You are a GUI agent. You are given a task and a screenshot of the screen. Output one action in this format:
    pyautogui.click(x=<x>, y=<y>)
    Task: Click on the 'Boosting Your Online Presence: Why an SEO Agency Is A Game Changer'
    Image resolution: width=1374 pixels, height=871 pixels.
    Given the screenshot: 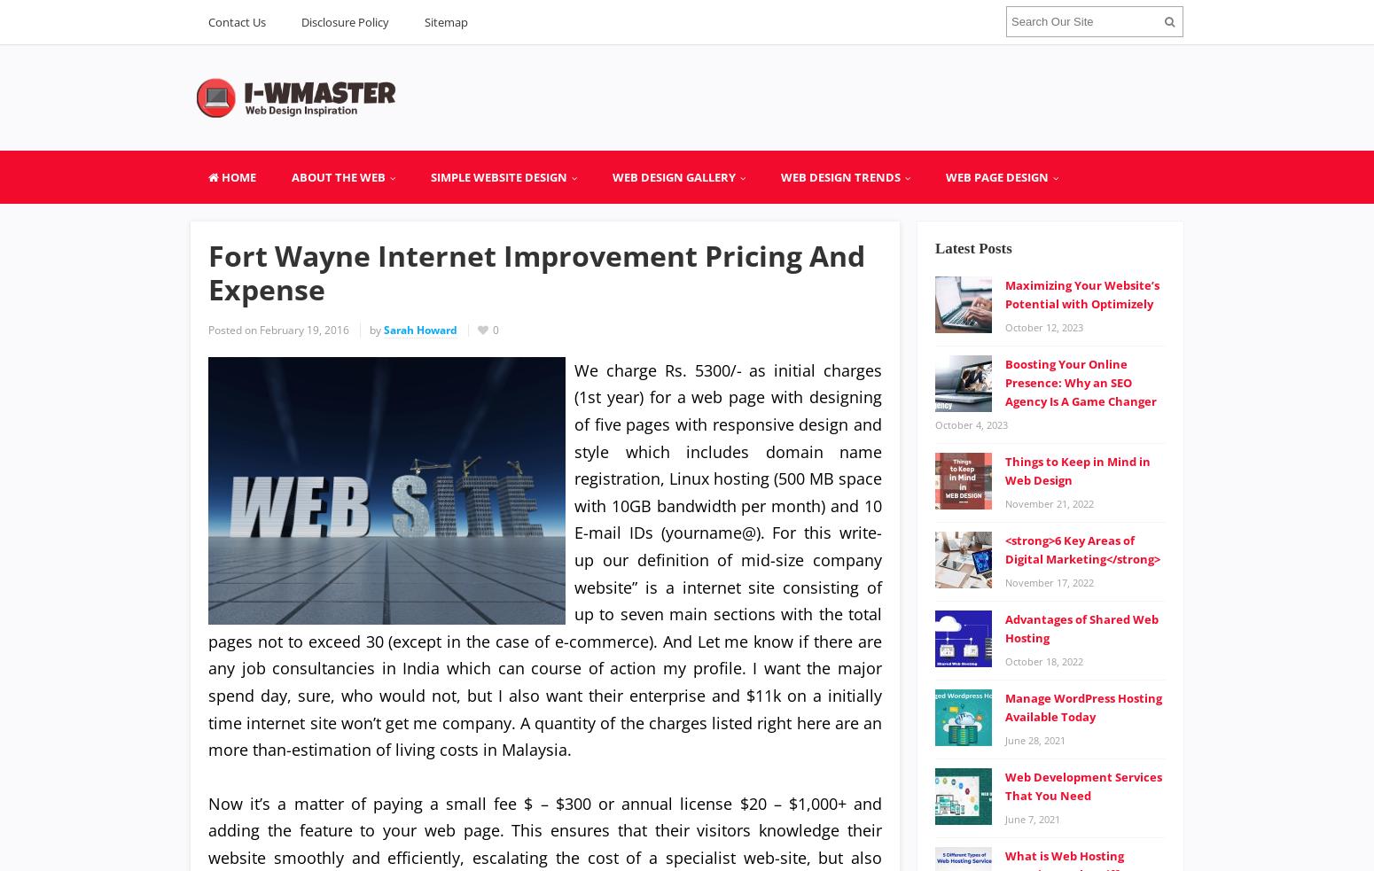 What is the action you would take?
    pyautogui.click(x=1081, y=381)
    